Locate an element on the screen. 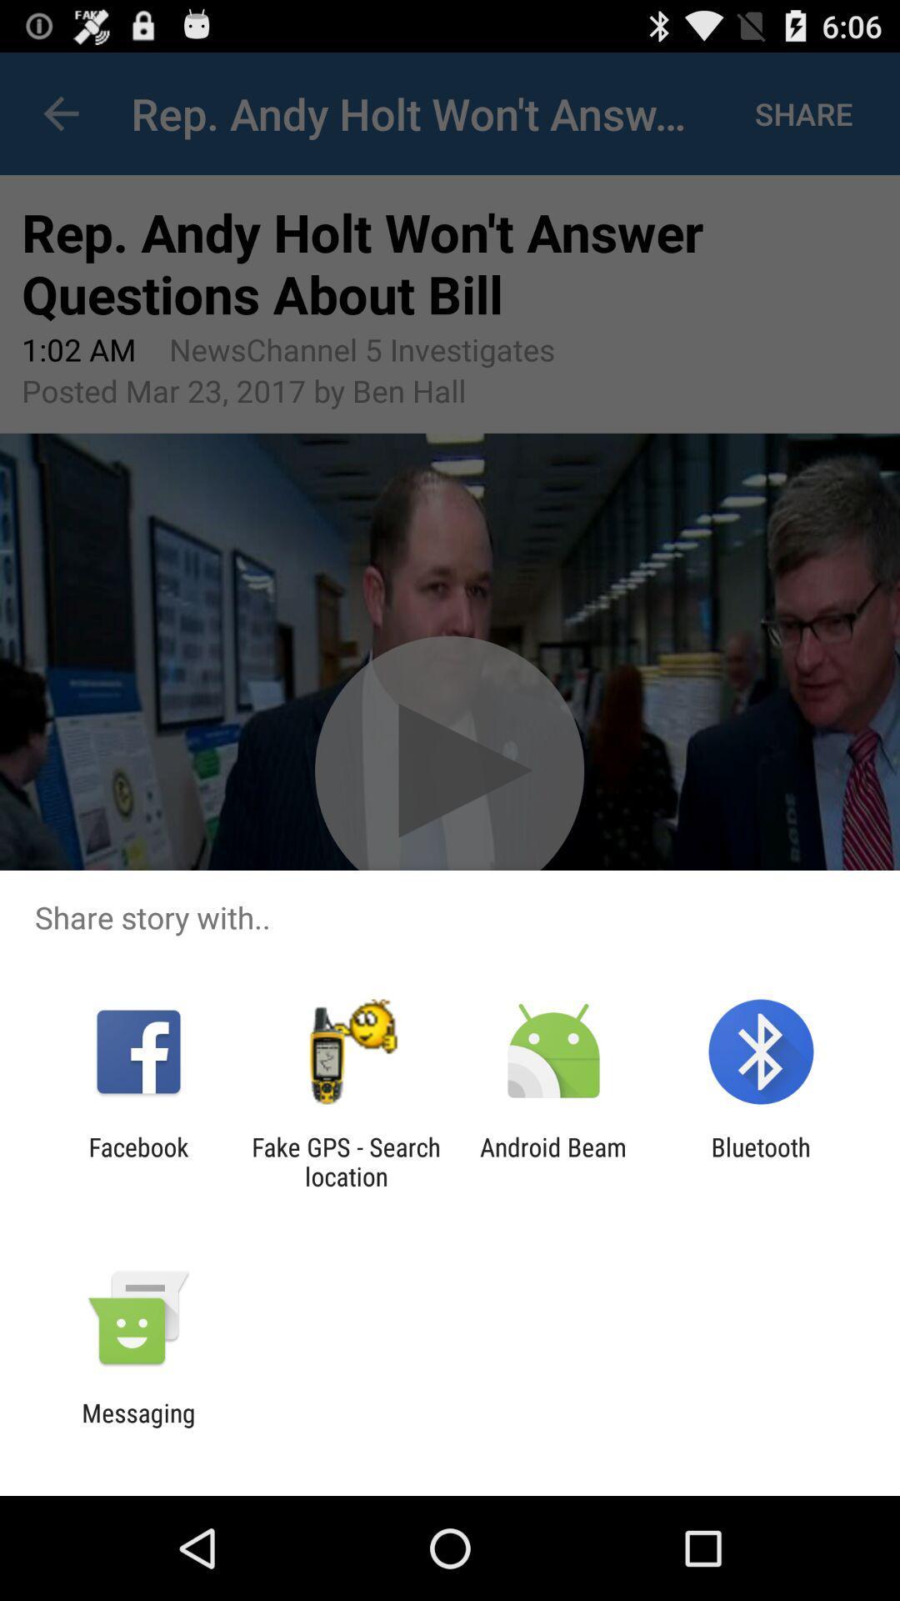 Image resolution: width=900 pixels, height=1601 pixels. the android beam is located at coordinates (553, 1161).